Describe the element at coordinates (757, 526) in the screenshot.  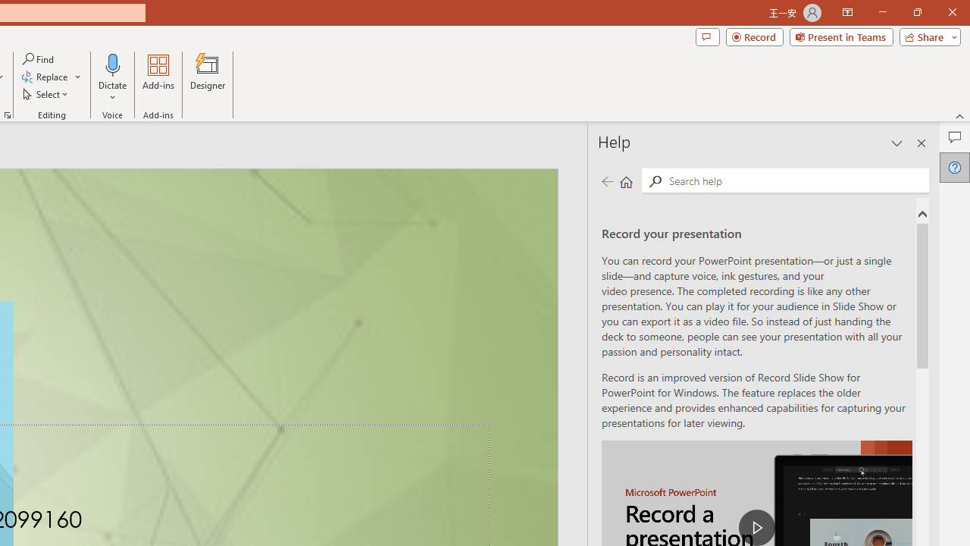
I see `'play Record a Presentation'` at that location.